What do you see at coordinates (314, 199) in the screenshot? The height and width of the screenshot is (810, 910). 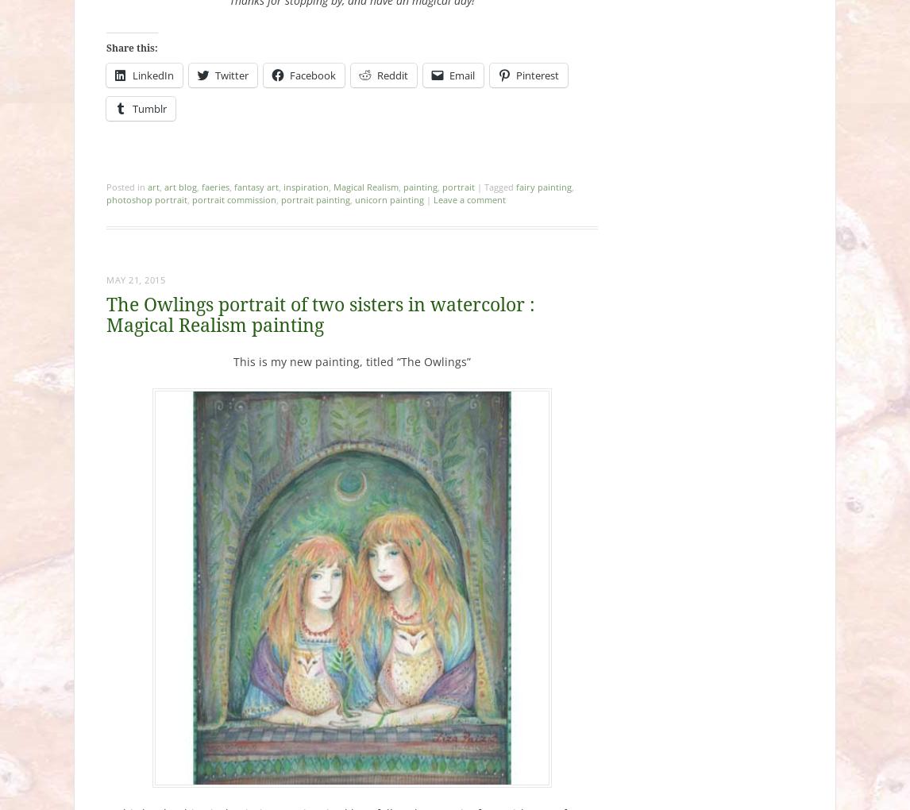 I see `'portrait painting'` at bounding box center [314, 199].